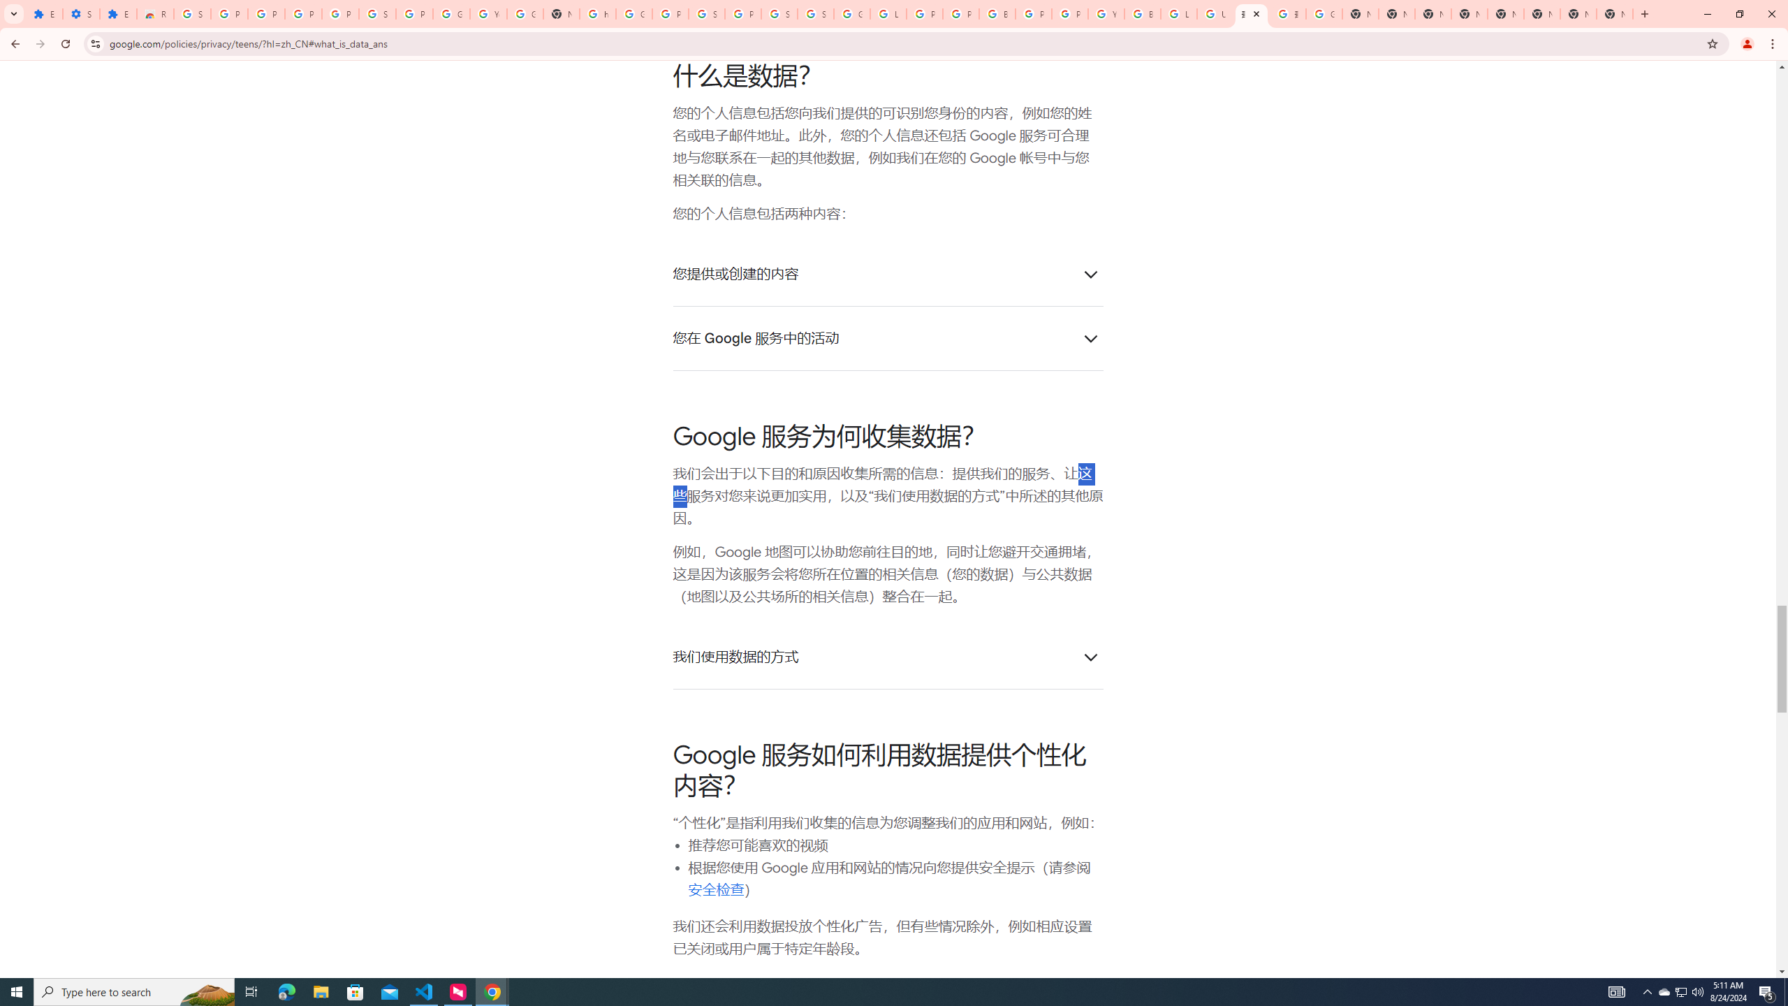 This screenshot has width=1788, height=1006. Describe the element at coordinates (45, 13) in the screenshot. I see `'Extensions'` at that location.